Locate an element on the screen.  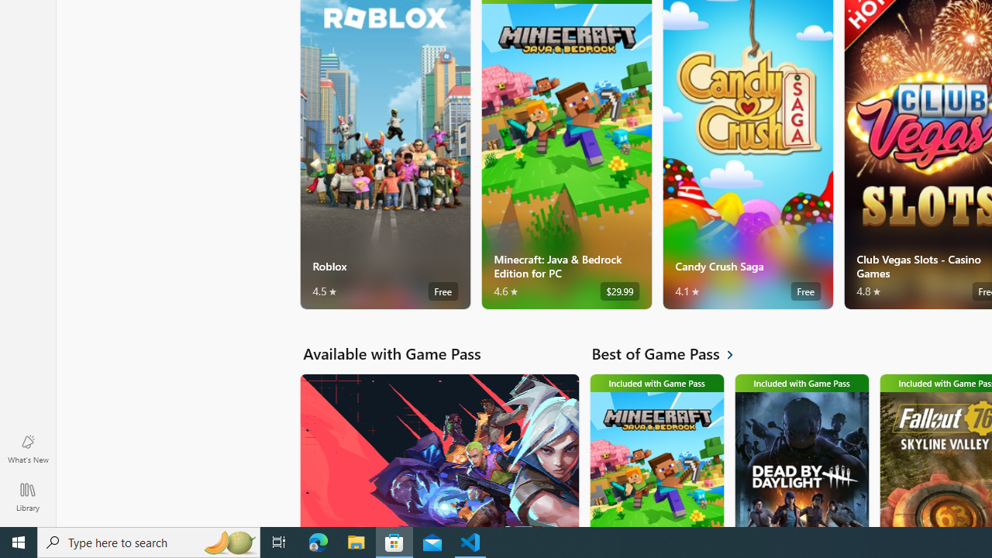
'What' is located at coordinates (27, 448).